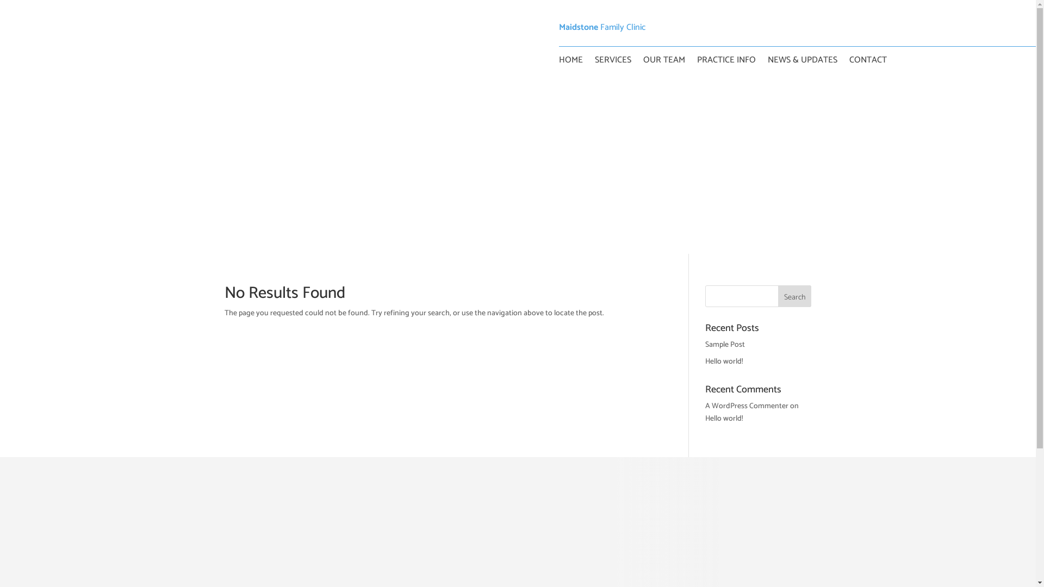 Image resolution: width=1044 pixels, height=587 pixels. What do you see at coordinates (613, 63) in the screenshot?
I see `'SERVICES'` at bounding box center [613, 63].